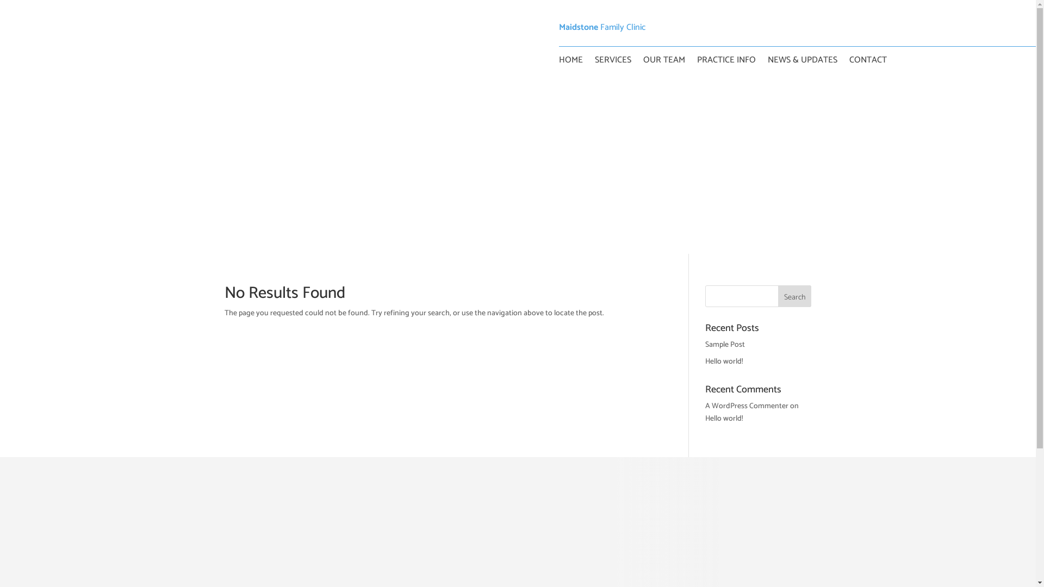 Image resolution: width=1044 pixels, height=587 pixels. What do you see at coordinates (613, 63) in the screenshot?
I see `'SERVICES'` at bounding box center [613, 63].